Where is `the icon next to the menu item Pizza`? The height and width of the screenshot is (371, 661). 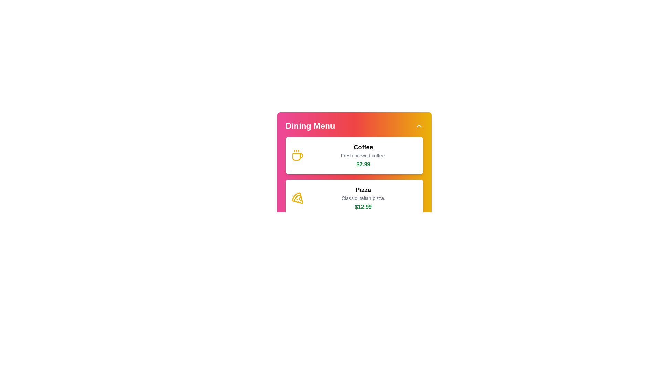 the icon next to the menu item Pizza is located at coordinates (297, 198).